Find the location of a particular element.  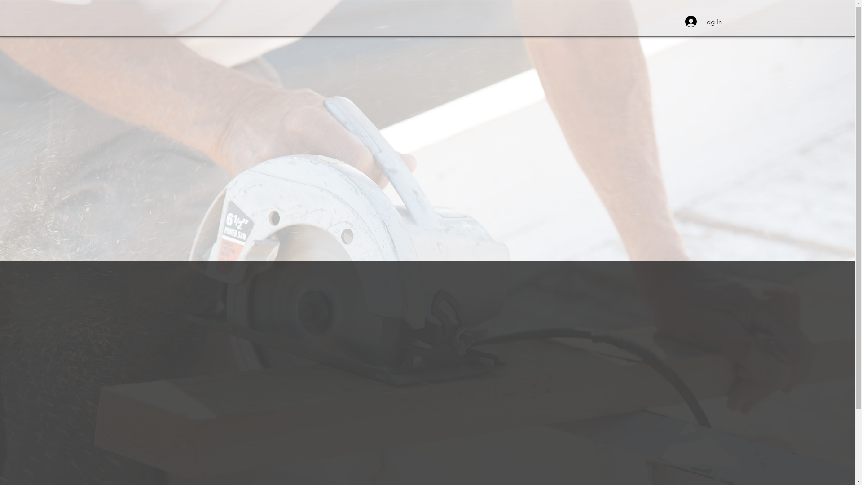

'Log In' is located at coordinates (703, 21).